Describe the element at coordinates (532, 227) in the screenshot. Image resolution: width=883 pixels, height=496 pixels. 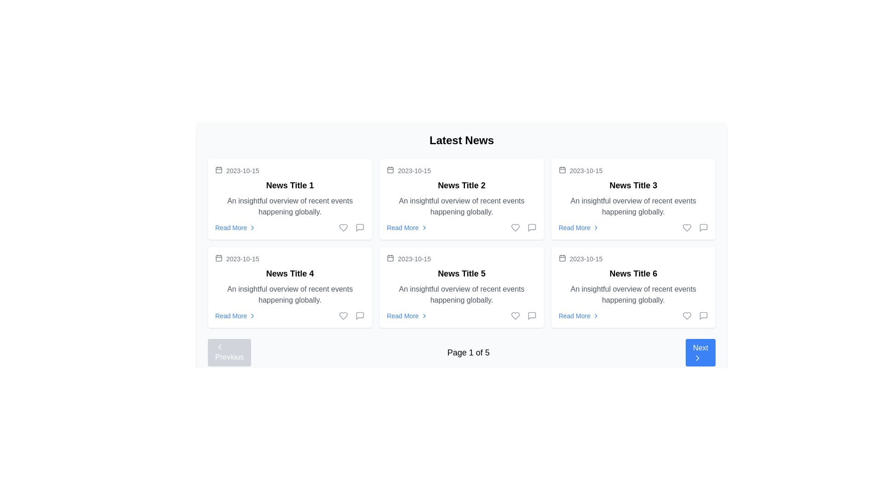
I see `the light gray speech bubble icon located to the right of the 'News Title 2' in the card layout` at that location.